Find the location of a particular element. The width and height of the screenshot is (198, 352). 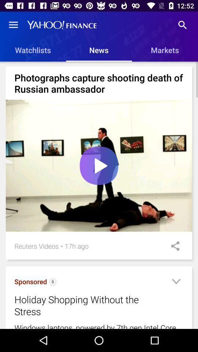

the item next to the reuters videos item is located at coordinates (61, 246).